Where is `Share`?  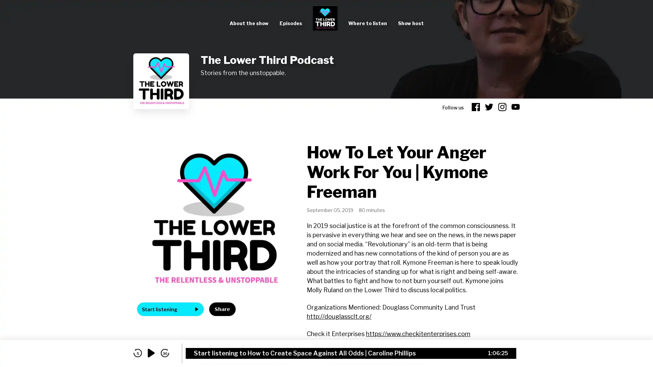 Share is located at coordinates (222, 309).